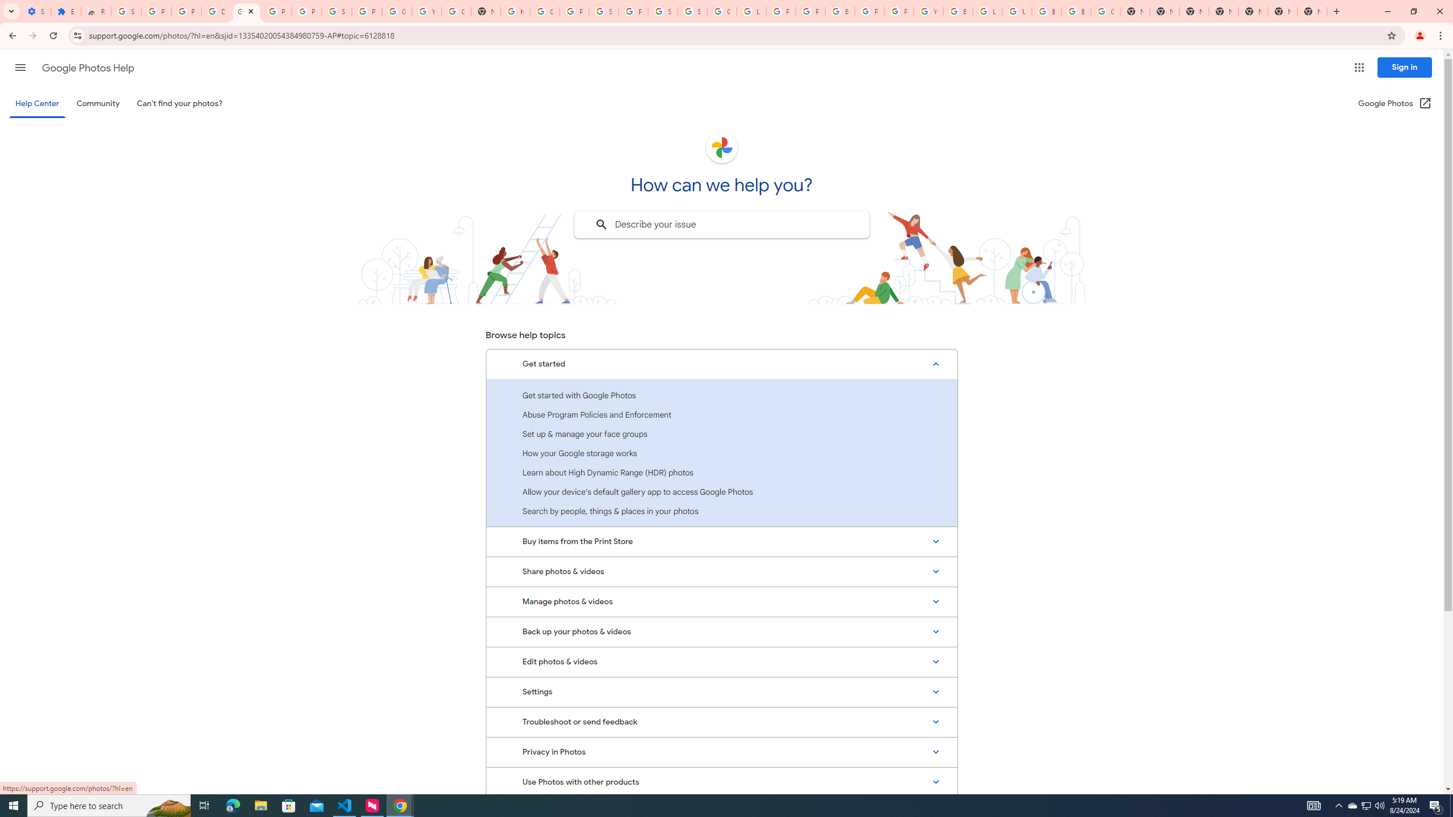  I want to click on 'Settings - On startup', so click(36, 11).